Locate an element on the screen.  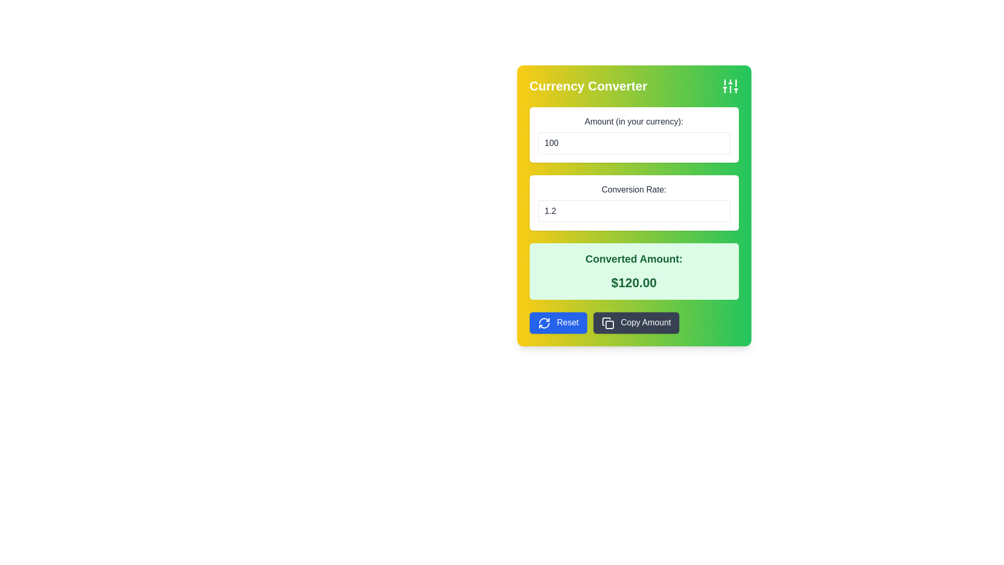
the Reset button icon, which serves as a visual indicator for resetting inputs in the currency converter interface, located at the bottom-left section of the interactive card with a gradient green background is located at coordinates (544, 322).